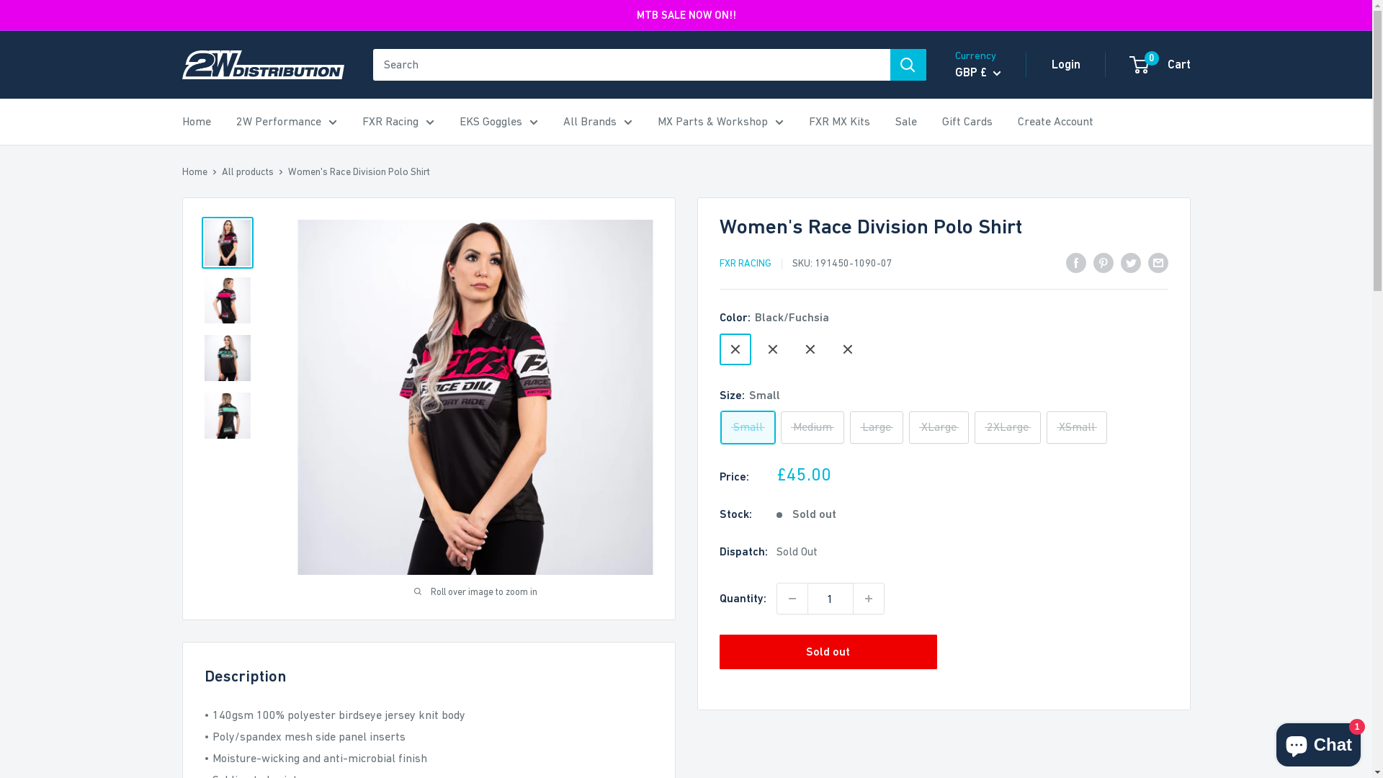 This screenshot has width=1383, height=778. Describe the element at coordinates (248, 171) in the screenshot. I see `'All products'` at that location.